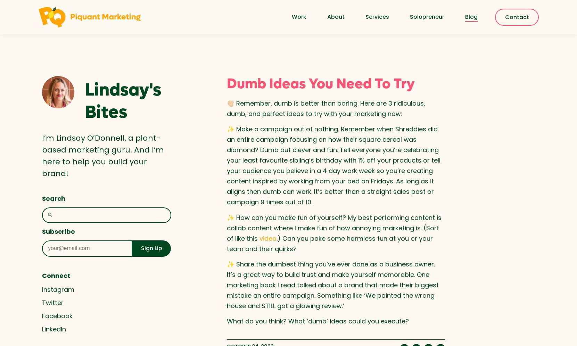  What do you see at coordinates (332, 285) in the screenshot?
I see `'✨ Share the dumbest thing you’ve ever done as a business owner. It’s a great way to build trust and make yourself memorable. One marketing book I read talked about a brand that made their biggest mistake an entire campaign. Something like ‘We painted the wrong house and STILL got a glowing review.’'` at bounding box center [332, 285].